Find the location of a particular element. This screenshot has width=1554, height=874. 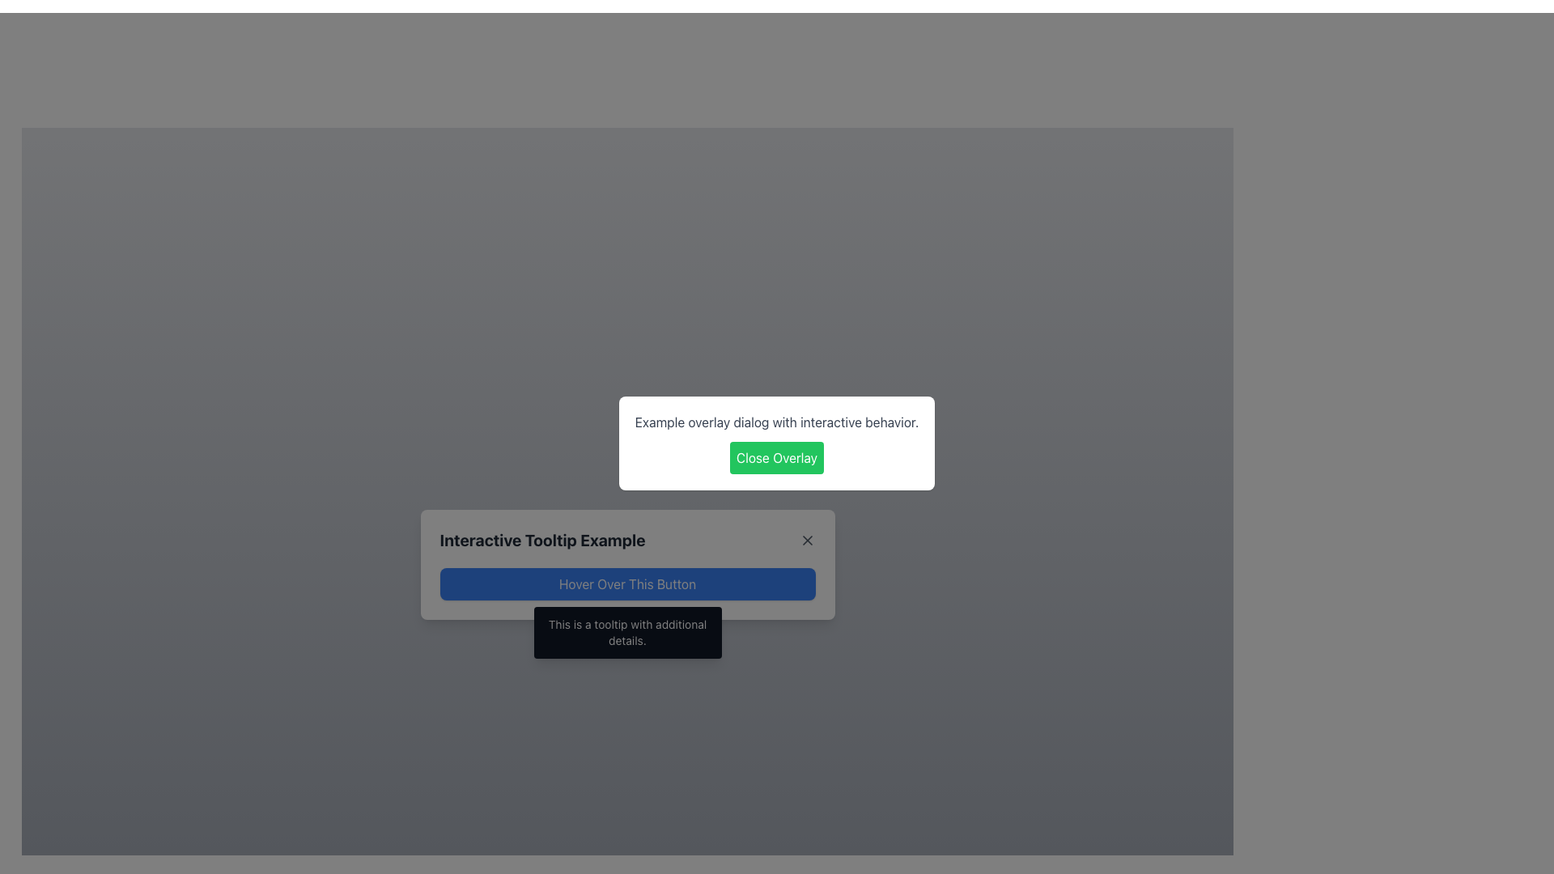

the interactive hover button that has a blue background and contains the text 'Hover Over This Button' is located at coordinates (626, 583).